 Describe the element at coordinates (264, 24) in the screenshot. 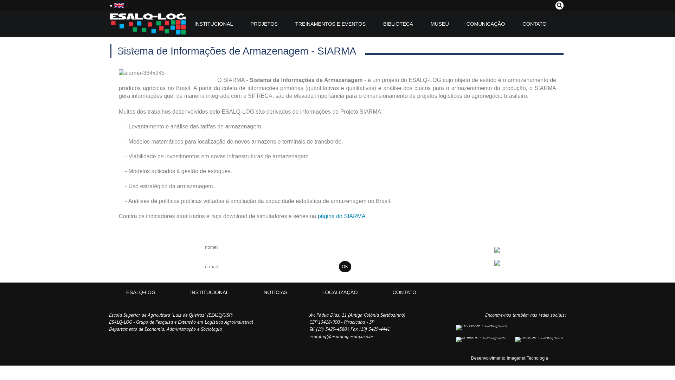

I see `'PROJETOS'` at that location.